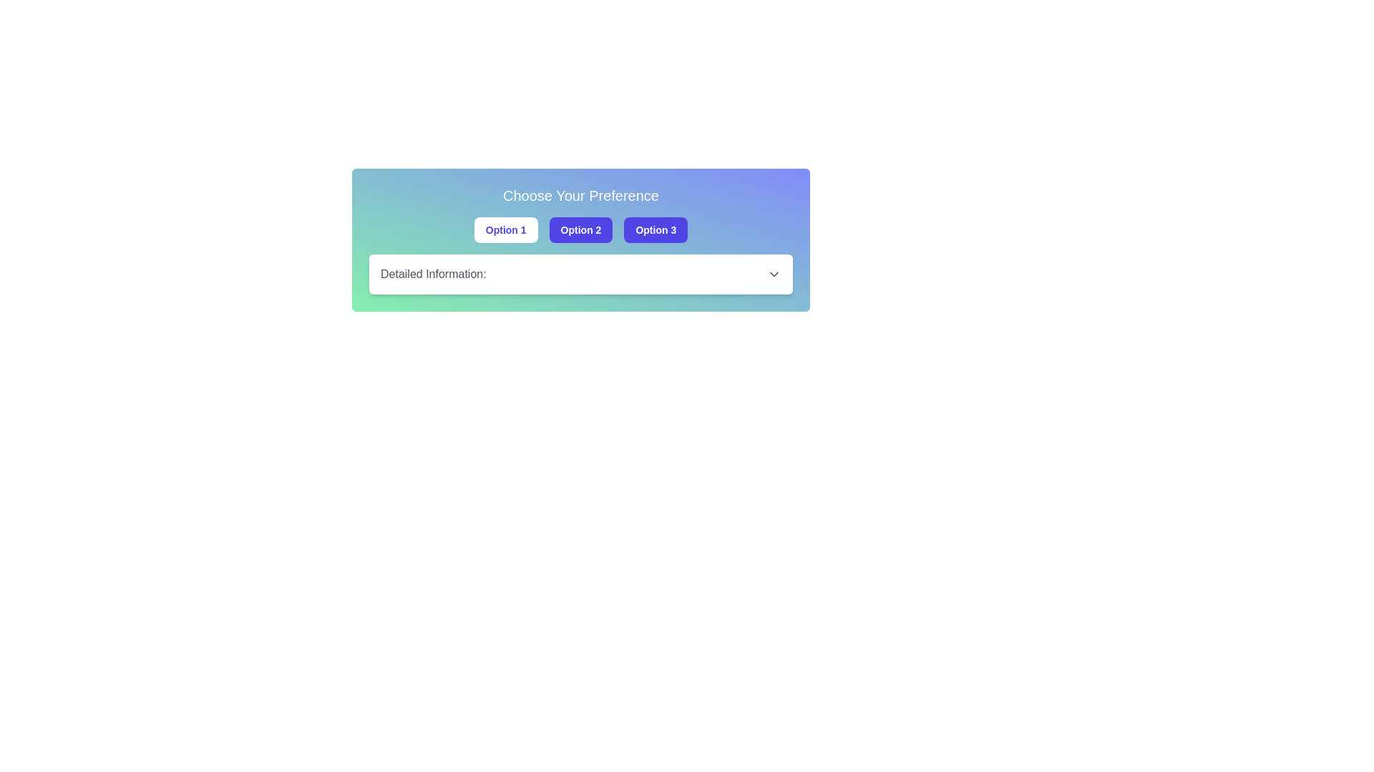 The image size is (1374, 772). Describe the element at coordinates (505, 229) in the screenshot. I see `the first interactive button labeled 'Option 1'` at that location.